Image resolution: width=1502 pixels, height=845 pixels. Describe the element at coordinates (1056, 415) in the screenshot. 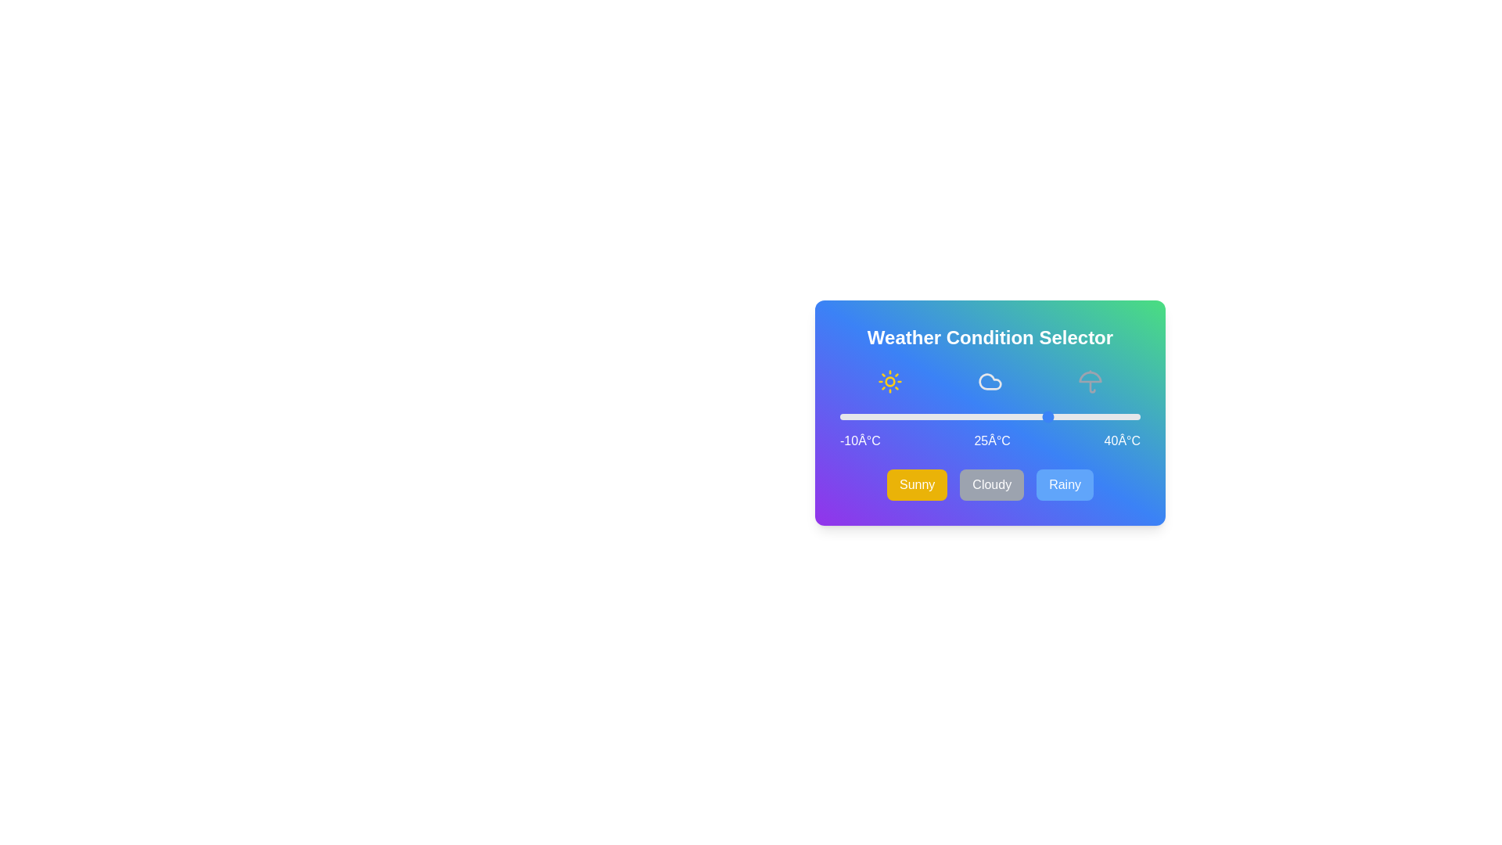

I see `the temperature slider to 26°C` at that location.